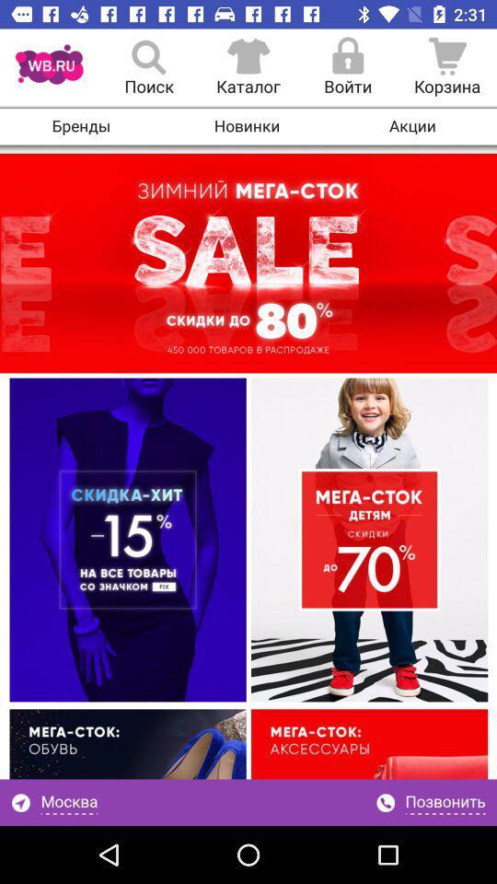 This screenshot has width=497, height=884. Describe the element at coordinates (148, 68) in the screenshot. I see `the search icon which is right to the wbru` at that location.